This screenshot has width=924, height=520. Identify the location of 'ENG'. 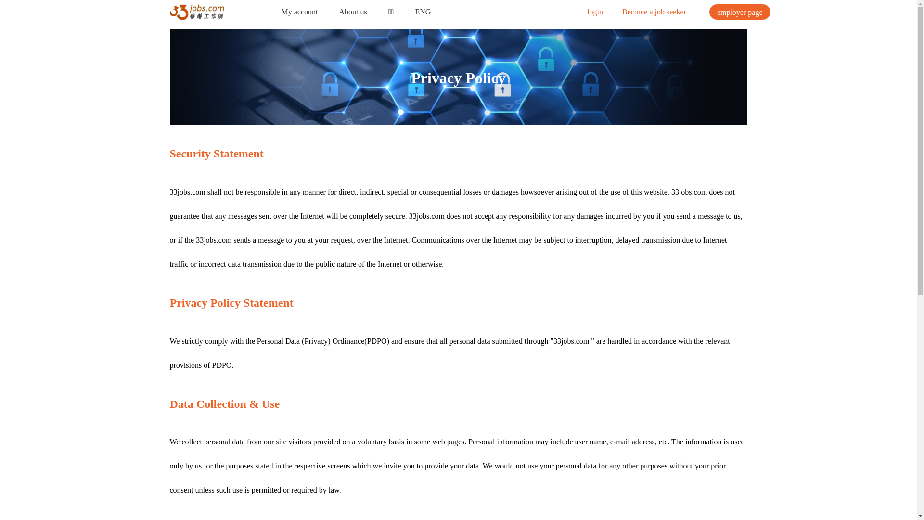
(423, 12).